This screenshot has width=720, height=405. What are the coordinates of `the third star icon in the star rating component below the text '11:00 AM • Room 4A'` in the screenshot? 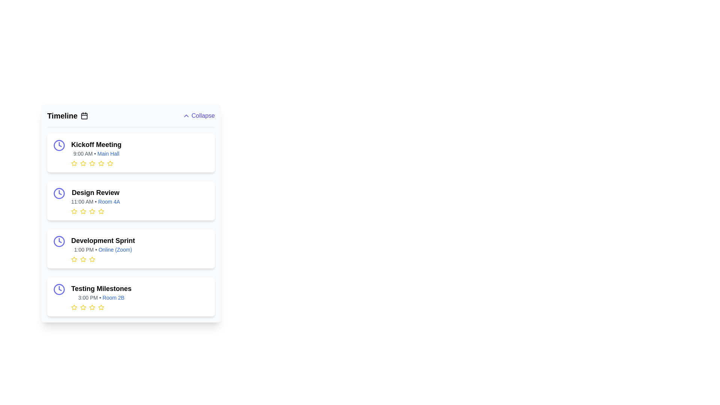 It's located at (95, 211).